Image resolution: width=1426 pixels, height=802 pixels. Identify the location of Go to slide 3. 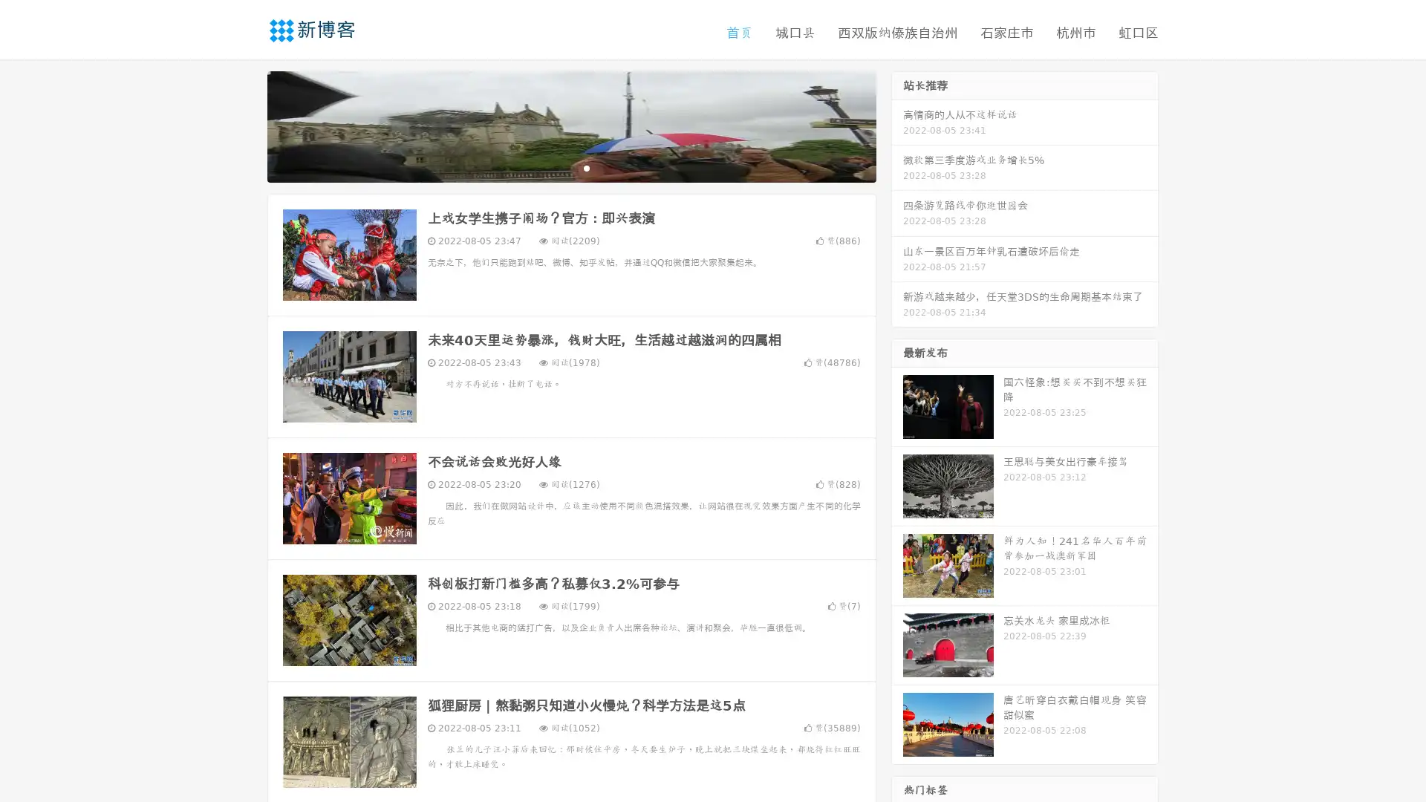
(586, 167).